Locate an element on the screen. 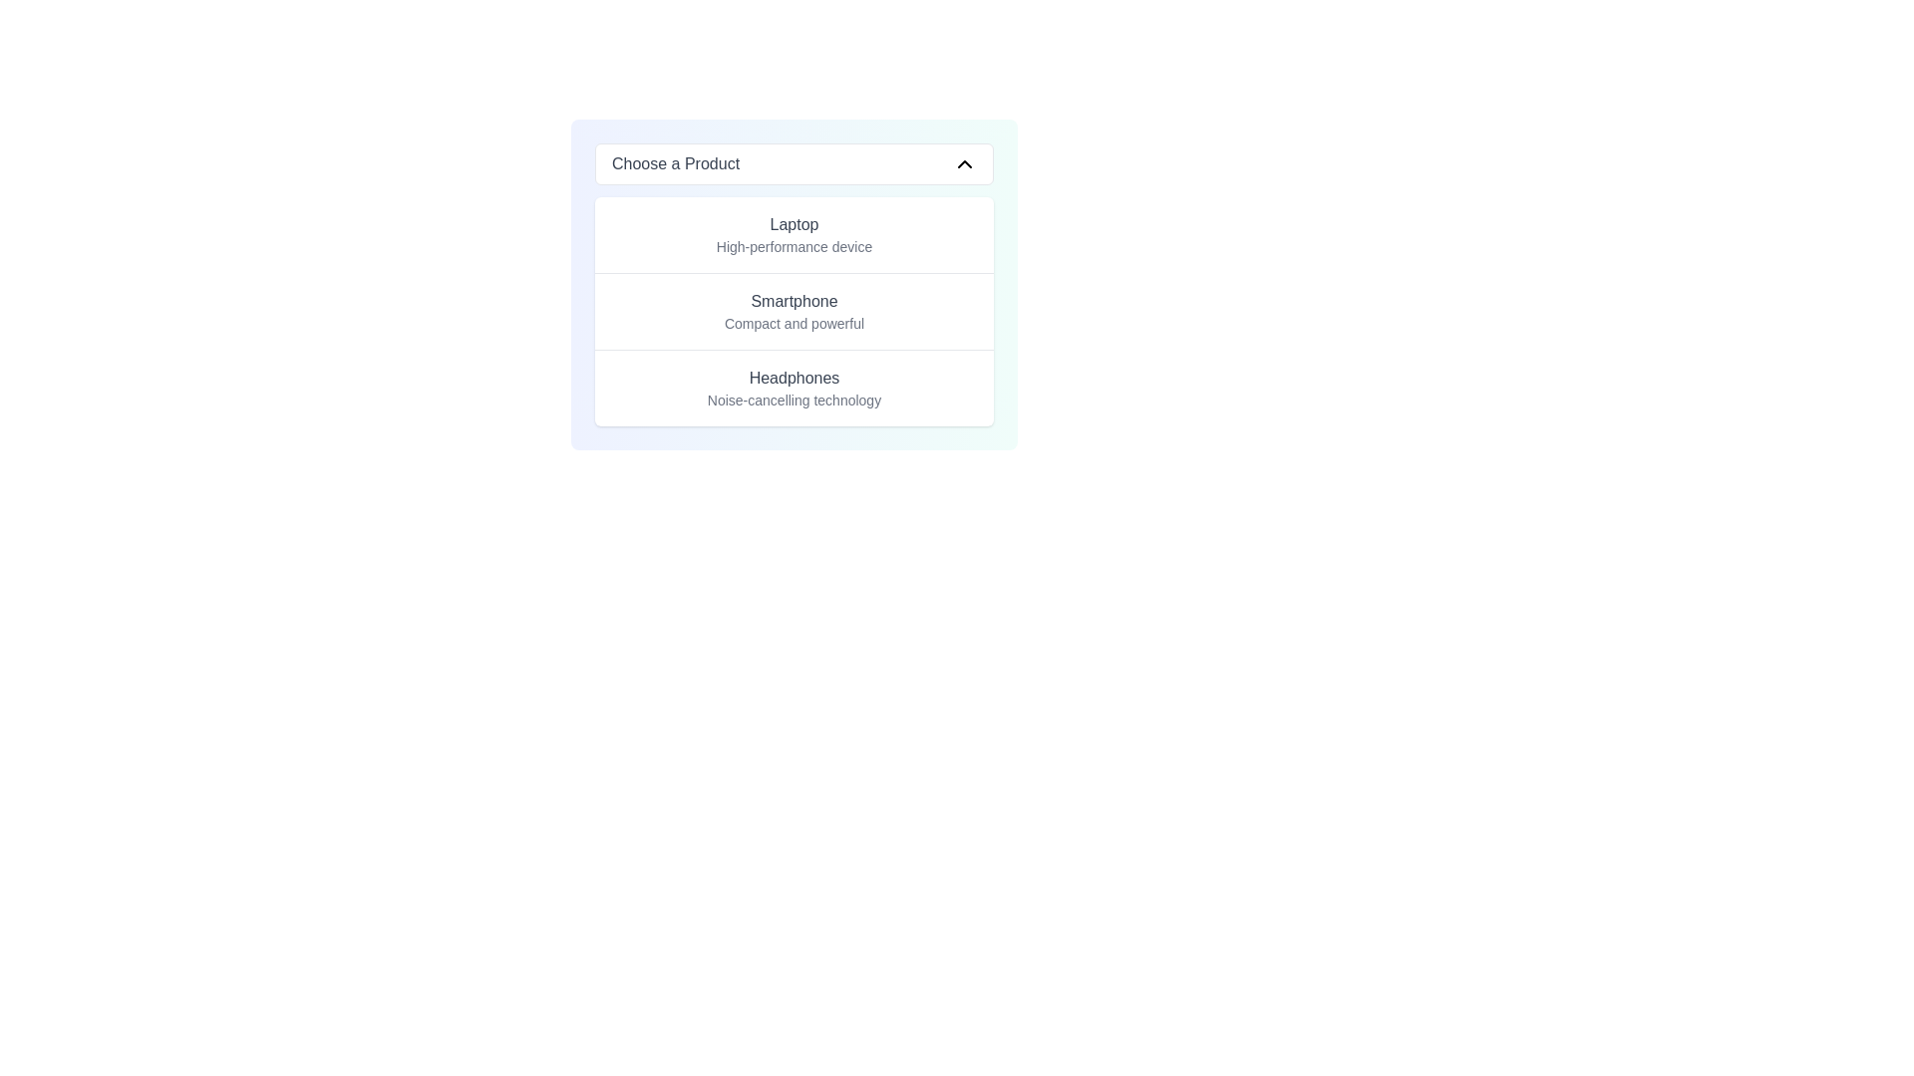 This screenshot has height=1076, width=1914. the 'Headphones' text label, which is the main title of the third item in the 'Choose a Product' dropdown menu is located at coordinates (793, 379).